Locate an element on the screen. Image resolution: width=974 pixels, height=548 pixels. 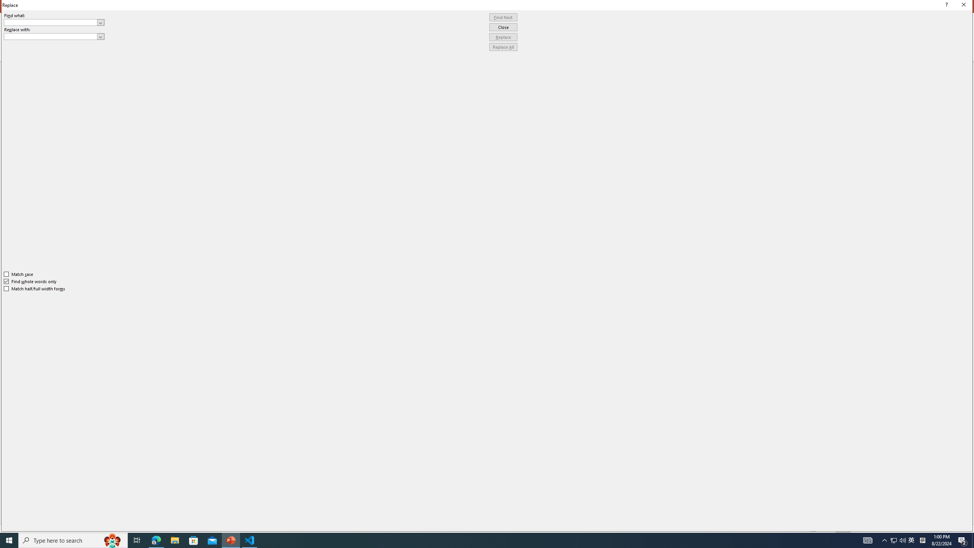
'Find whole words only' is located at coordinates (30, 281).